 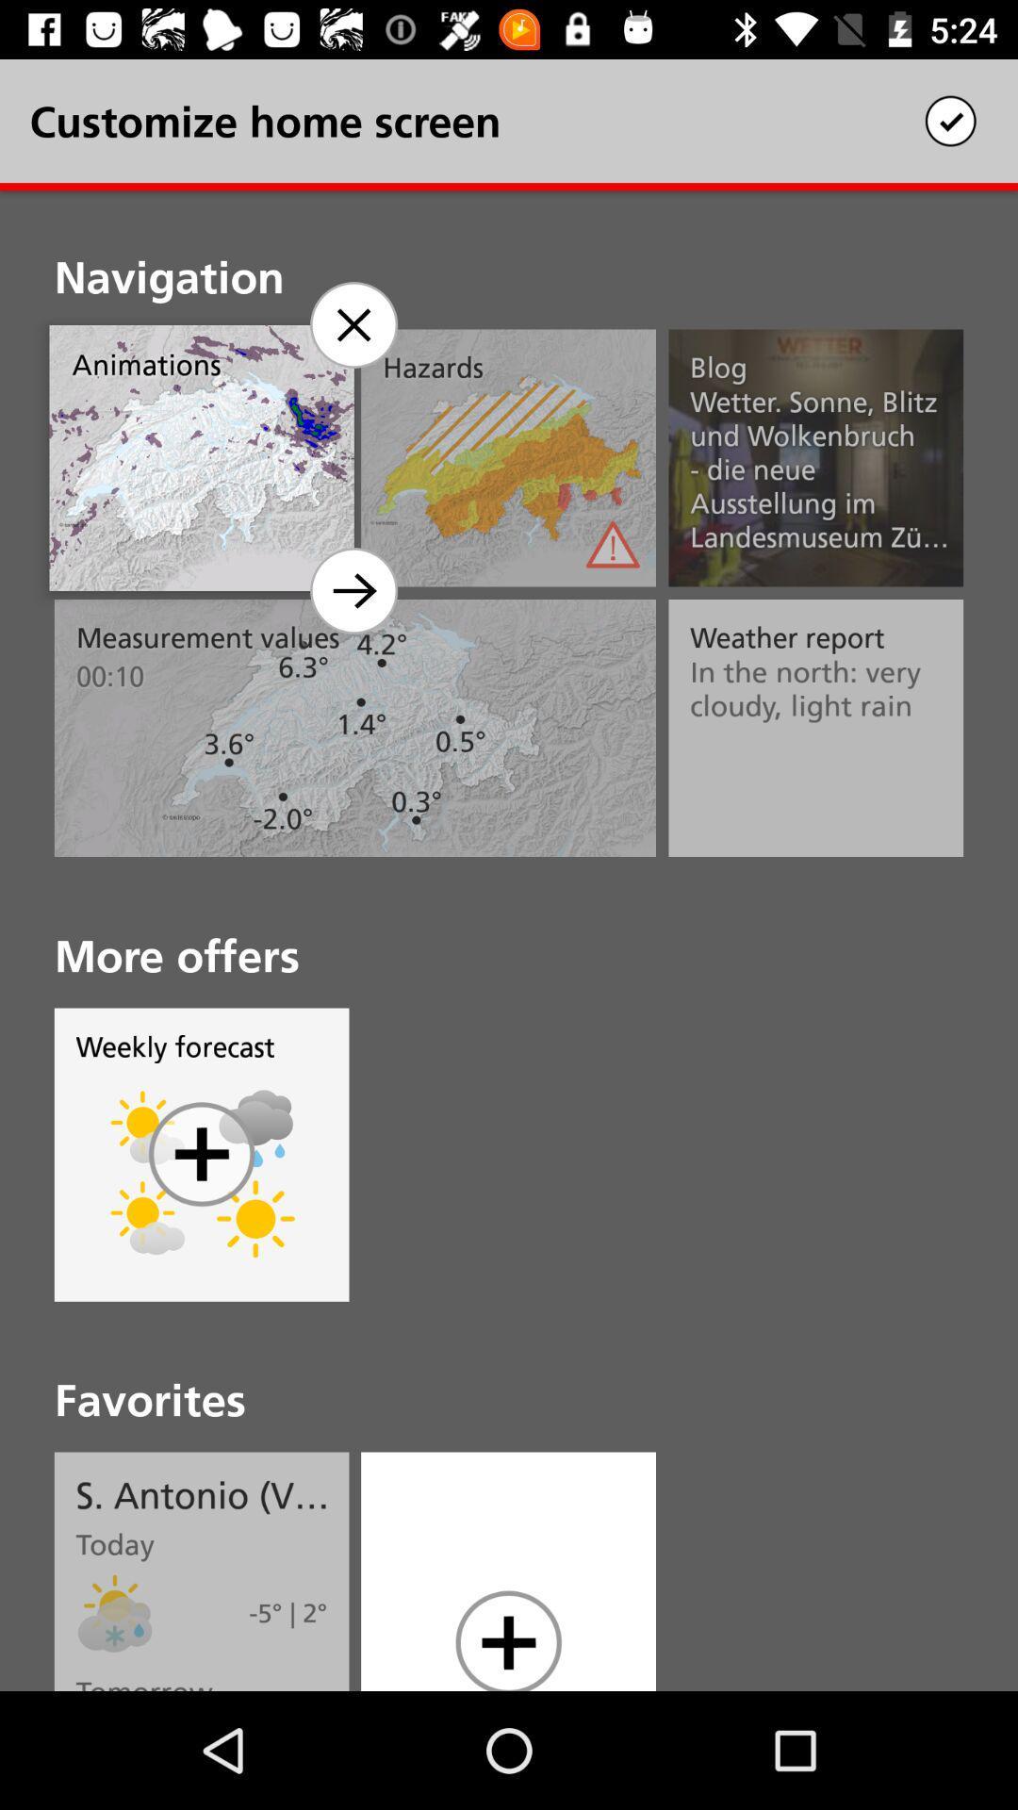 I want to click on the close icon, so click(x=353, y=325).